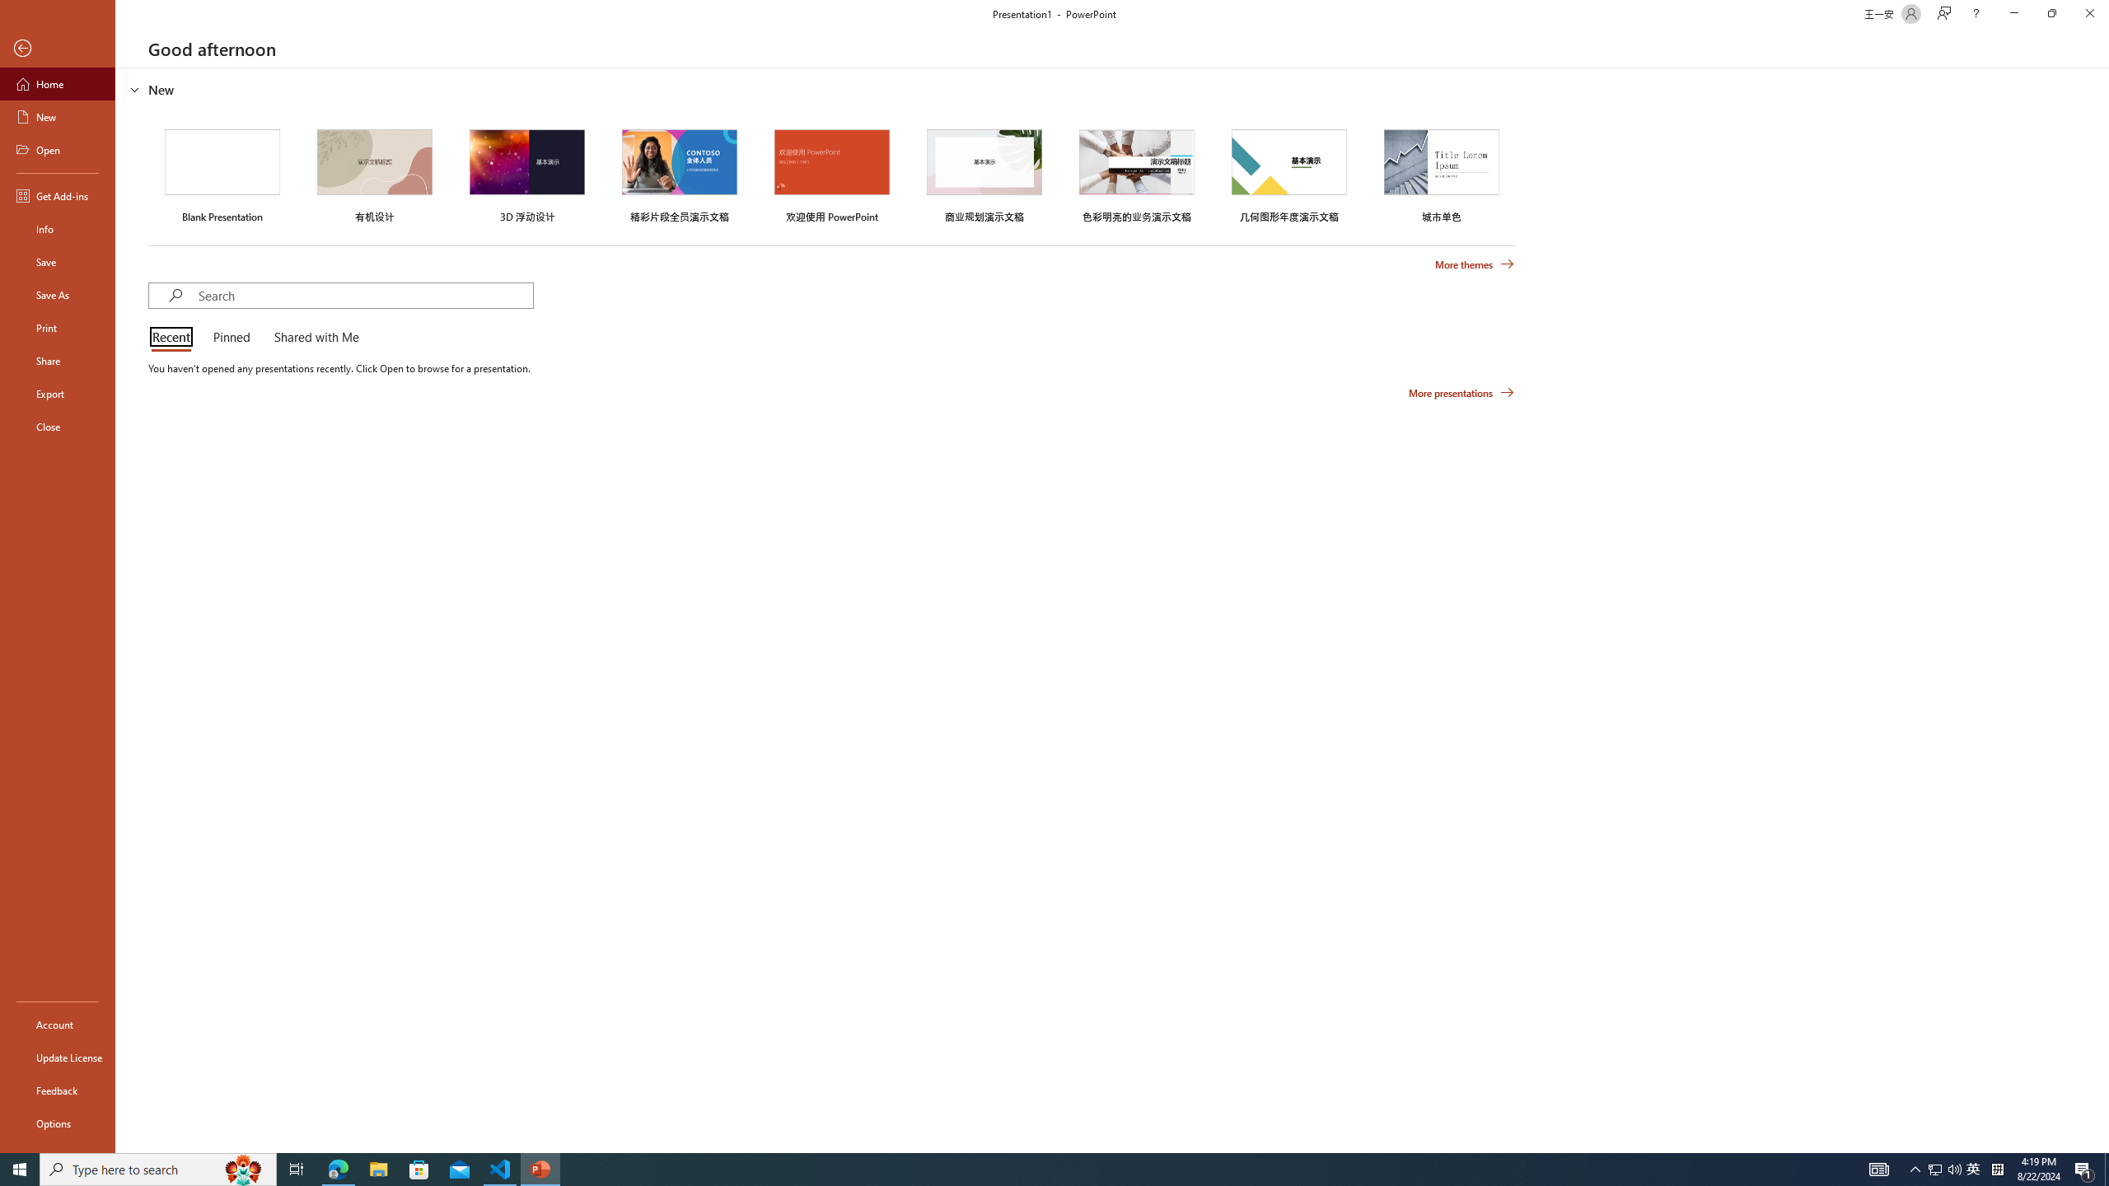 This screenshot has width=2109, height=1186. Describe the element at coordinates (57, 261) in the screenshot. I see `'Save'` at that location.